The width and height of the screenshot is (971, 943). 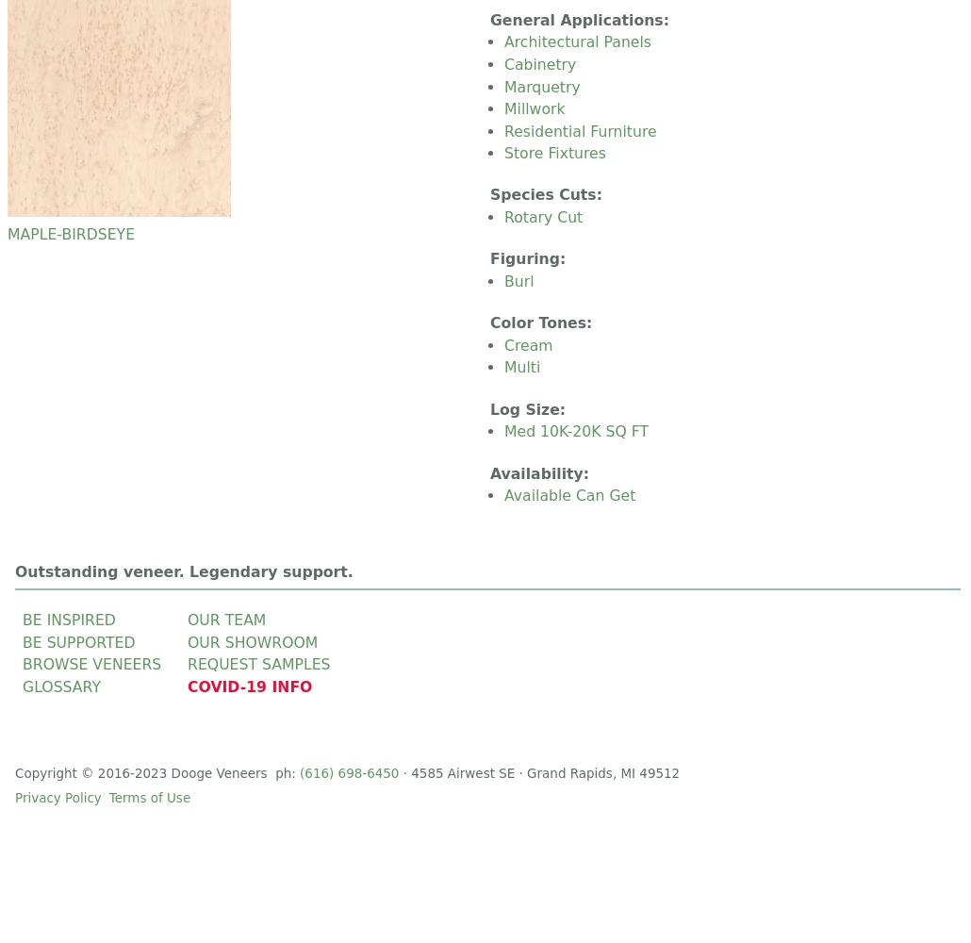 I want to click on 'Burl', so click(x=518, y=280).